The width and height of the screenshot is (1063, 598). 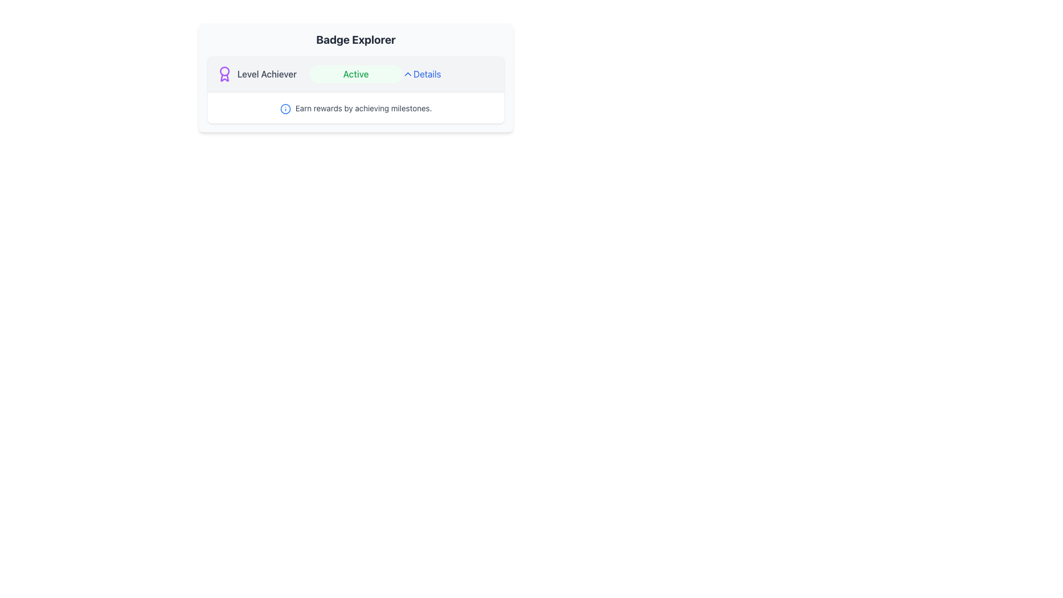 I want to click on informational text 'Earn rewards by achieving milestones.' located at the bottom of the 'Badge Explorer' card, which is centered horizontally and features a blue information icon to its left, so click(x=356, y=107).